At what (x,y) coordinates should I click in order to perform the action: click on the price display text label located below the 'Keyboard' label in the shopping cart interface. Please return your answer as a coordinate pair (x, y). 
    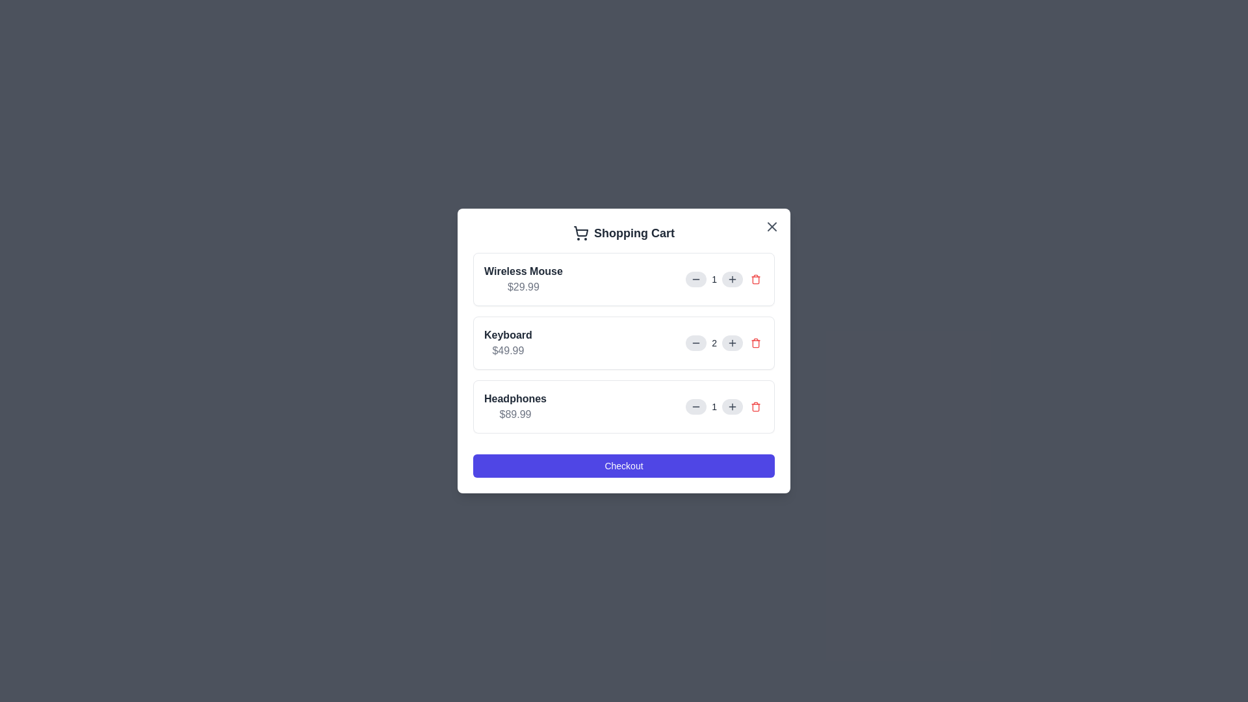
    Looking at the image, I should click on (507, 351).